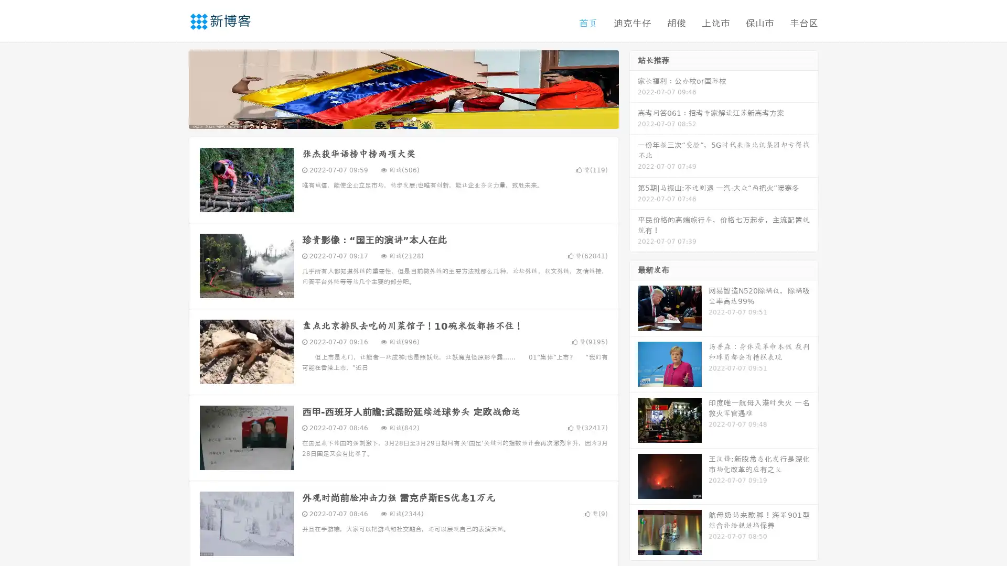 The height and width of the screenshot is (566, 1007). Describe the element at coordinates (403, 118) in the screenshot. I see `Go to slide 2` at that location.